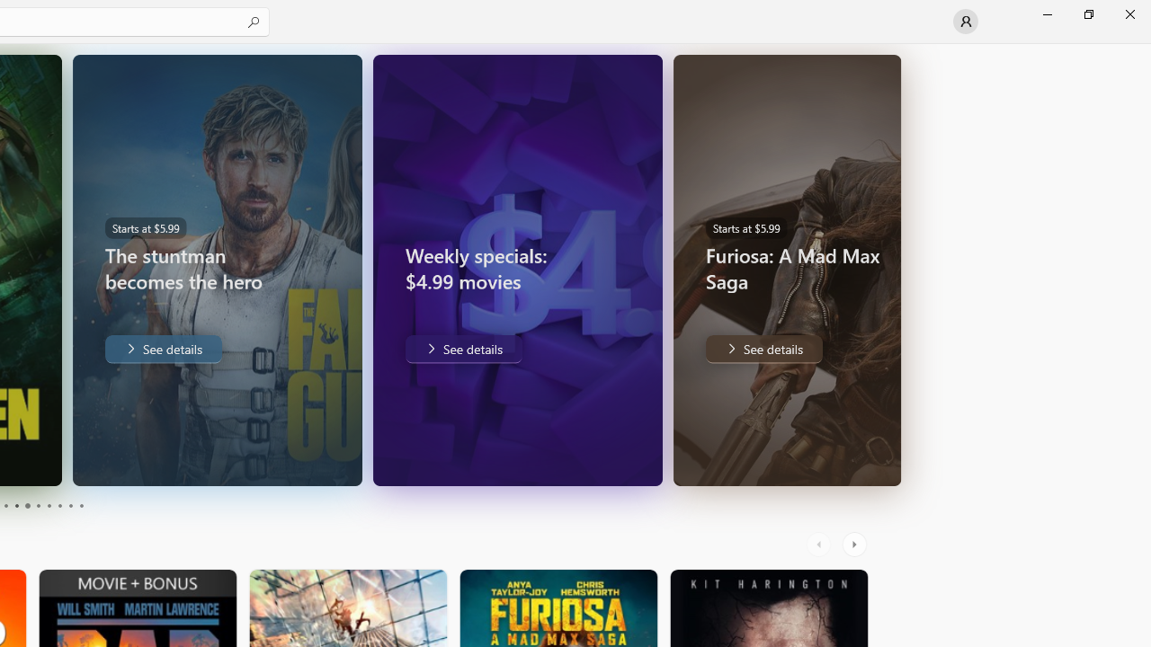  I want to click on 'Page 9', so click(70, 506).